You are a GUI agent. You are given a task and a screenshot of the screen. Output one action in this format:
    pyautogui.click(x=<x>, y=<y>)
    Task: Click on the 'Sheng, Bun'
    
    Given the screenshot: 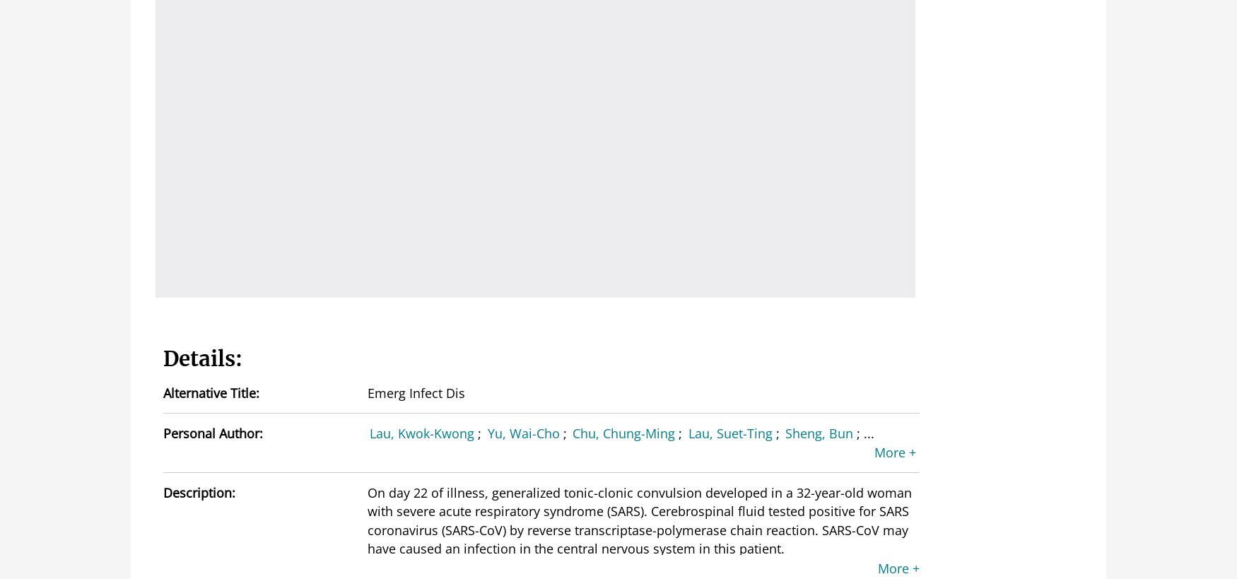 What is the action you would take?
    pyautogui.click(x=785, y=433)
    